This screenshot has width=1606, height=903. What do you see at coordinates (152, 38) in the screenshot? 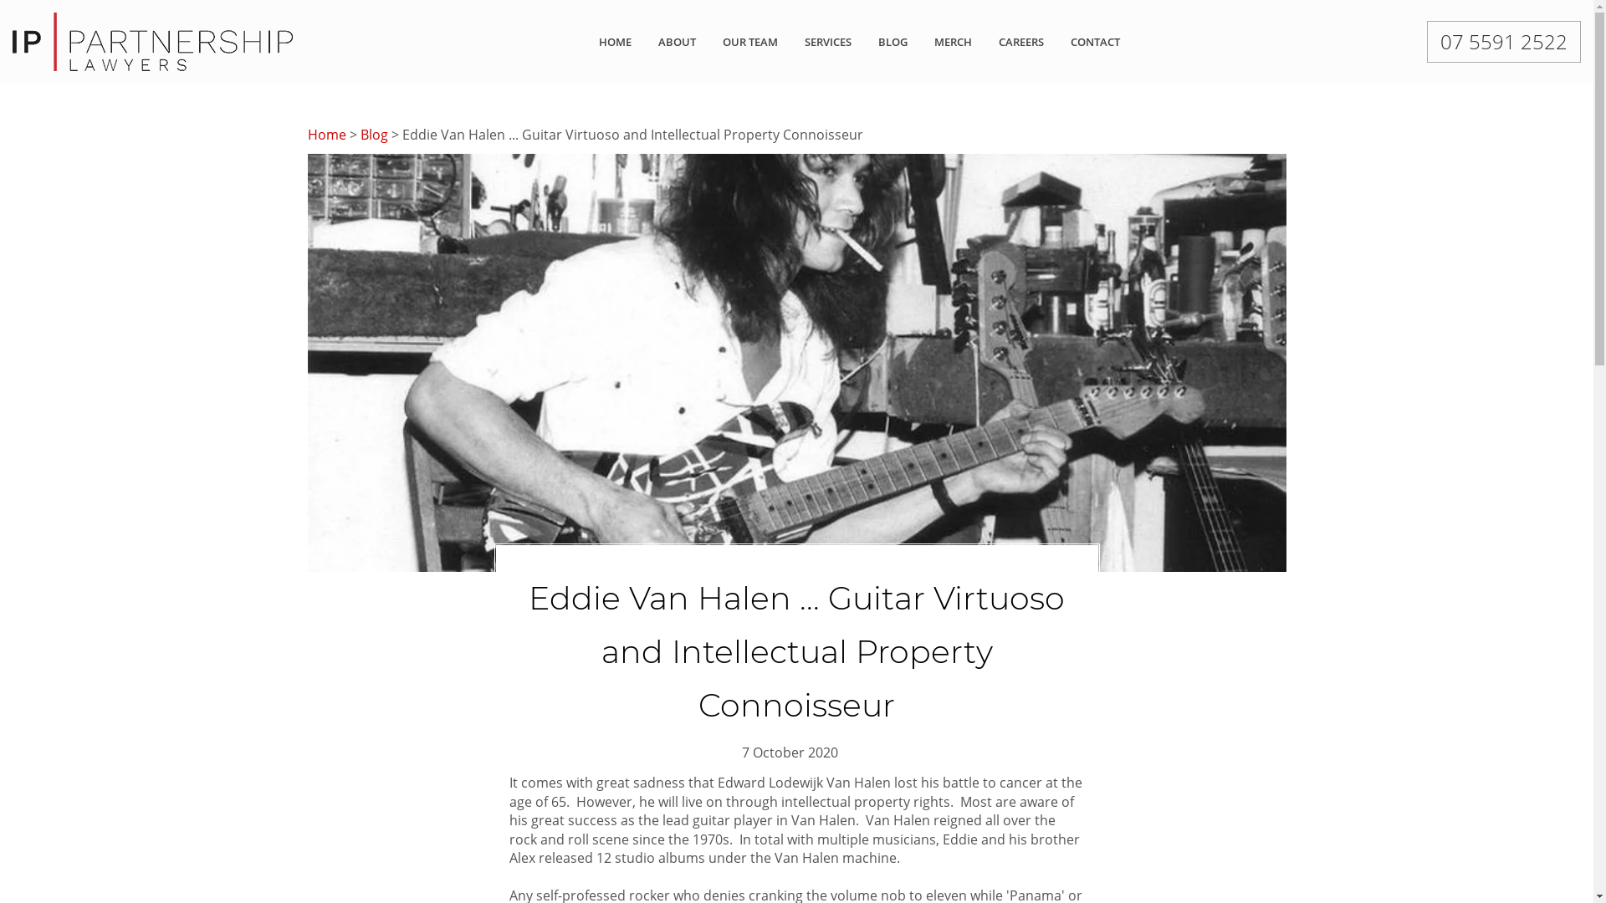
I see `'IP partnership'` at bounding box center [152, 38].